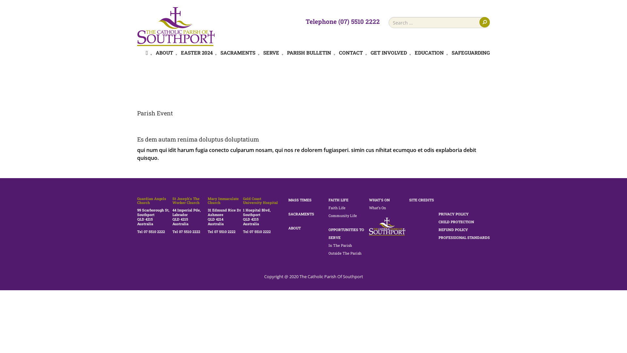 This screenshot has height=353, width=627. What do you see at coordinates (422, 199) in the screenshot?
I see `'SITE CREDITS'` at bounding box center [422, 199].